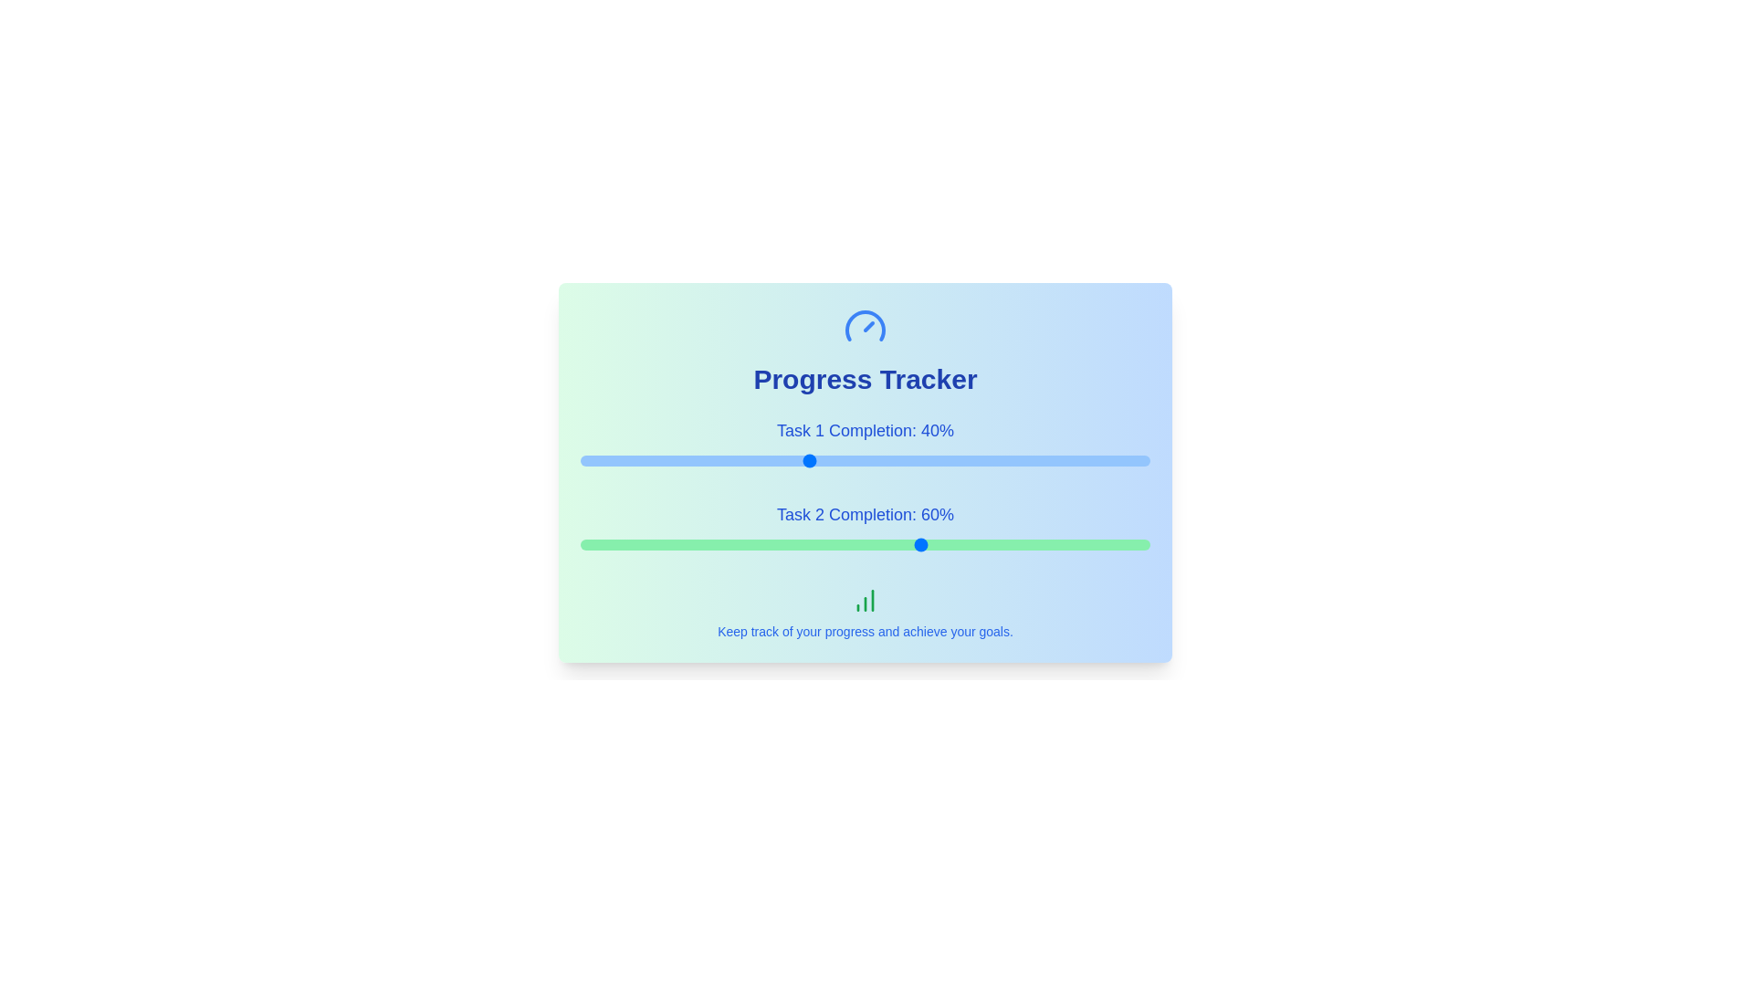 The height and width of the screenshot is (986, 1753). I want to click on the text label displaying 'Task 1 Completion: 40%', which is styled with a large bold blue font and located above the progress bar, so click(865, 430).